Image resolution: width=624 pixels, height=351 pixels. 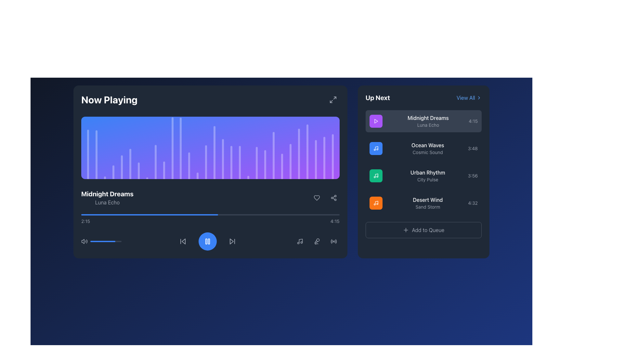 What do you see at coordinates (207, 241) in the screenshot?
I see `the pause button located in the media control panel` at bounding box center [207, 241].